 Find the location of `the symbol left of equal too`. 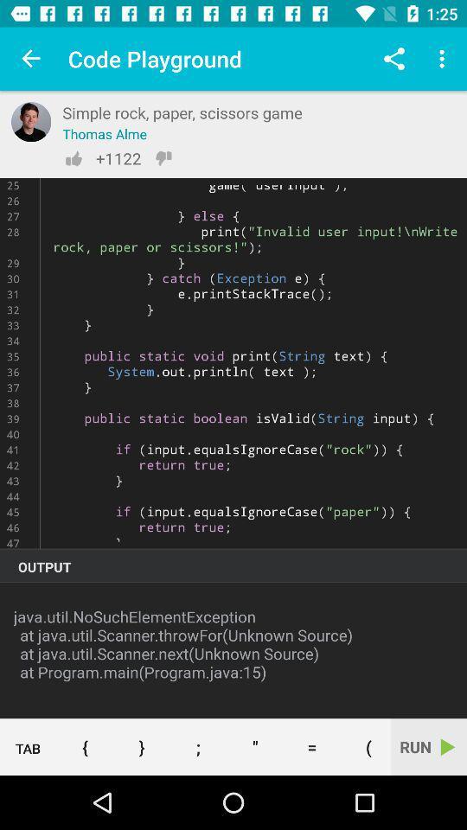

the symbol left of equal too is located at coordinates (254, 746).